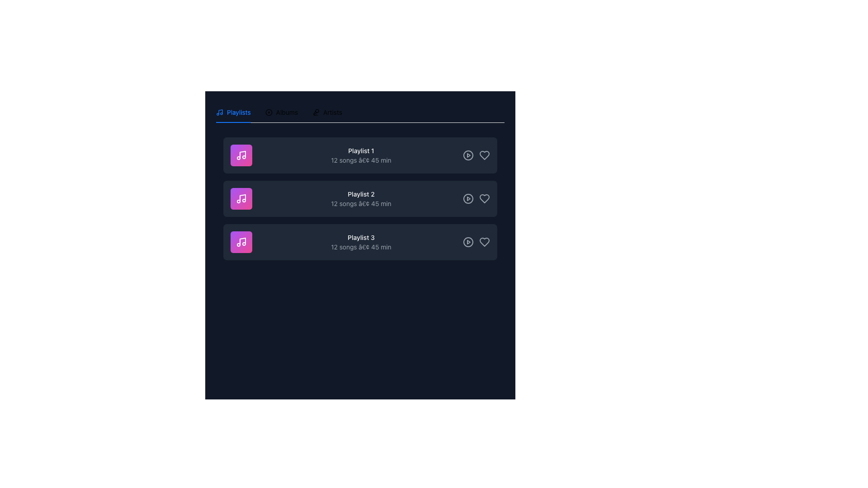  I want to click on the circular graphical element that encloses the play icon for the third playlist, located at the bottom-right corner of the playlist section, so click(468, 242).